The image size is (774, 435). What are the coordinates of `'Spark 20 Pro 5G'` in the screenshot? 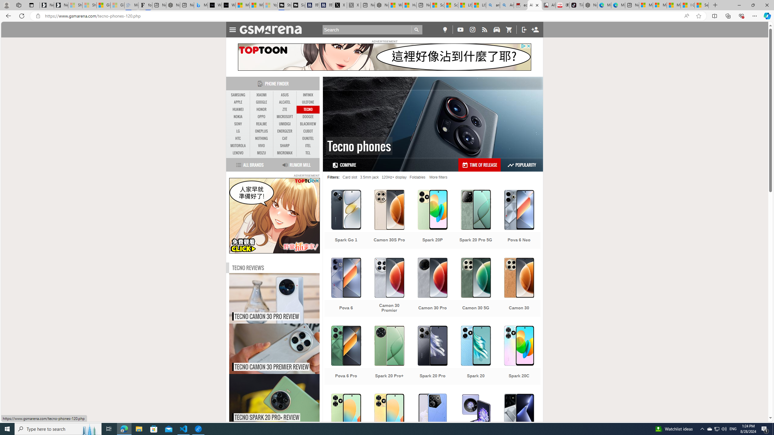 It's located at (476, 220).